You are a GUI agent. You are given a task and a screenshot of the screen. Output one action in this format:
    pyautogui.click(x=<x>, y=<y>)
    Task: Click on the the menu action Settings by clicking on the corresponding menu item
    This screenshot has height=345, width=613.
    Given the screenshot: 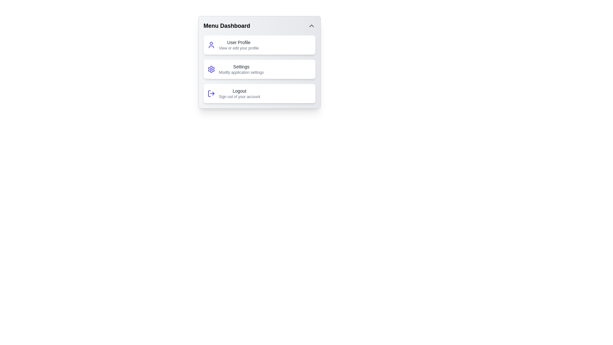 What is the action you would take?
    pyautogui.click(x=259, y=69)
    